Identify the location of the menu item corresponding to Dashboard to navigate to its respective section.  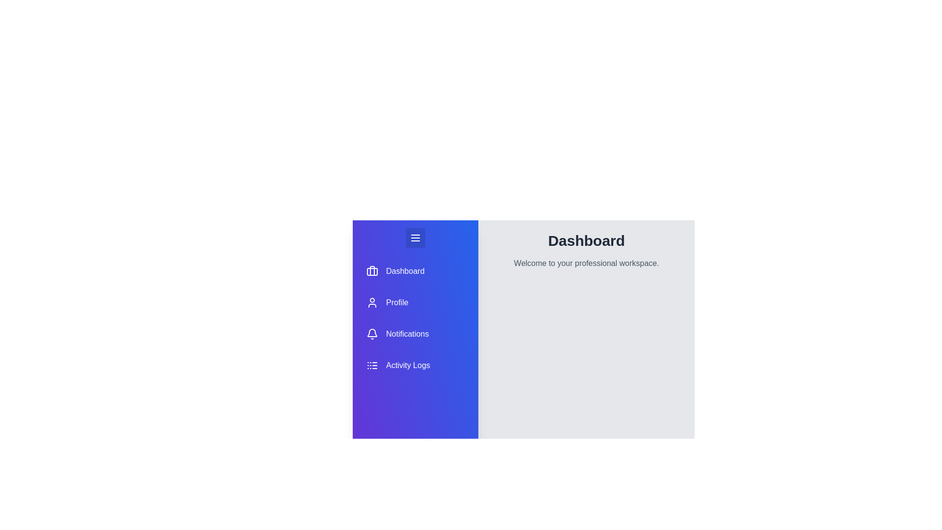
(415, 271).